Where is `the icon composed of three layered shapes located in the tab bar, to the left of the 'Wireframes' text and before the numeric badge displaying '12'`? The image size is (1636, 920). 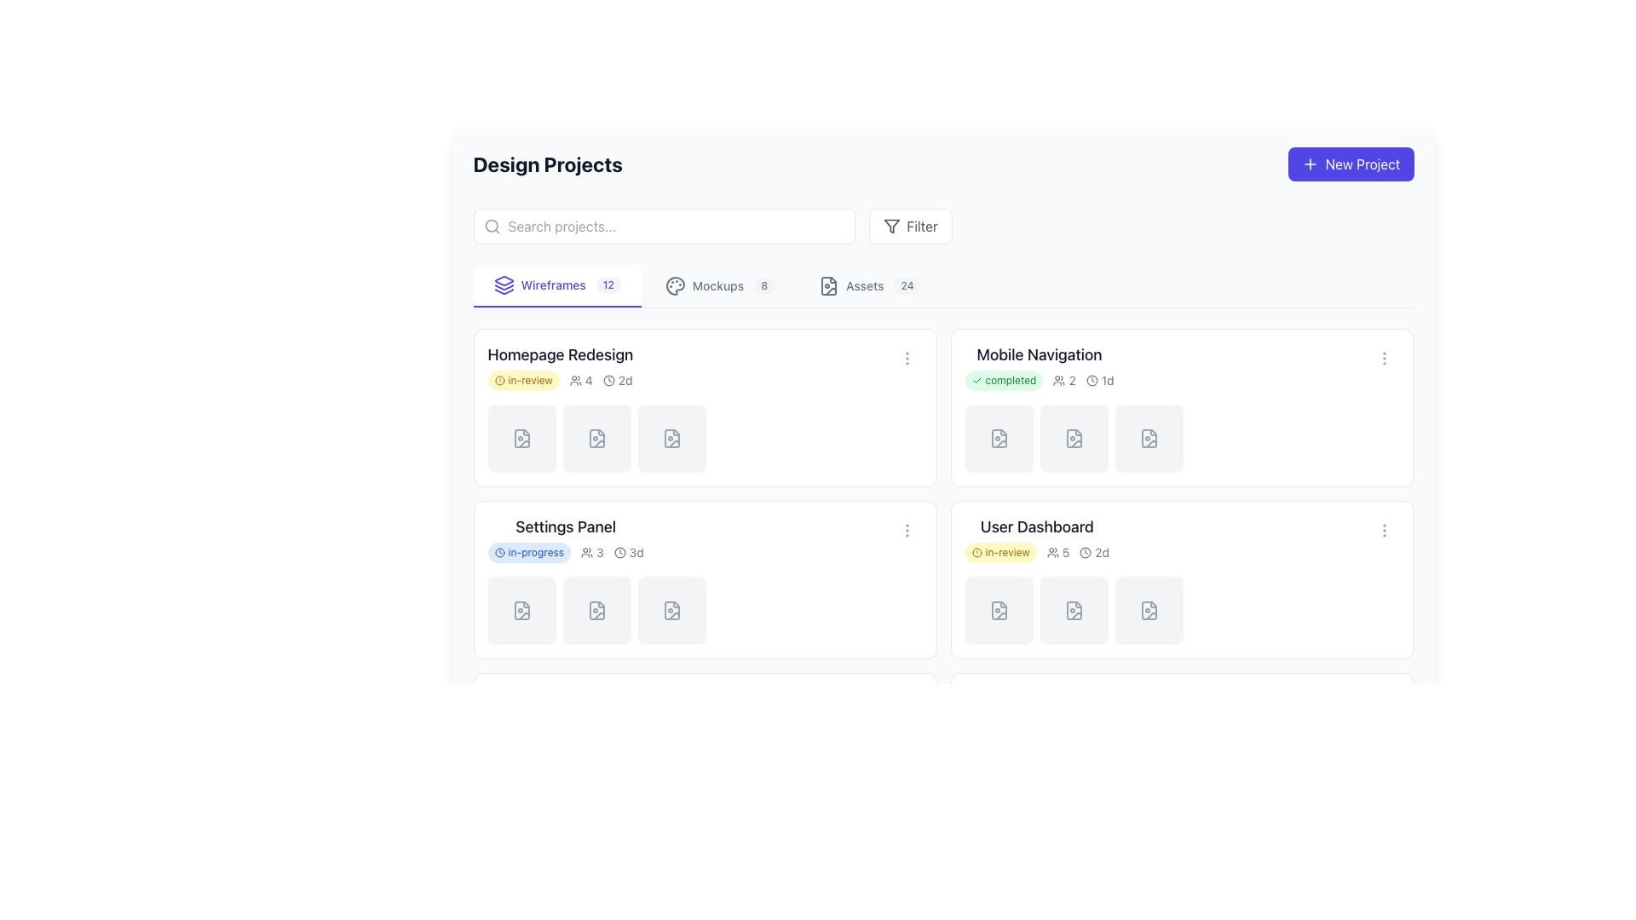 the icon composed of three layered shapes located in the tab bar, to the left of the 'Wireframes' text and before the numeric badge displaying '12' is located at coordinates (503, 285).